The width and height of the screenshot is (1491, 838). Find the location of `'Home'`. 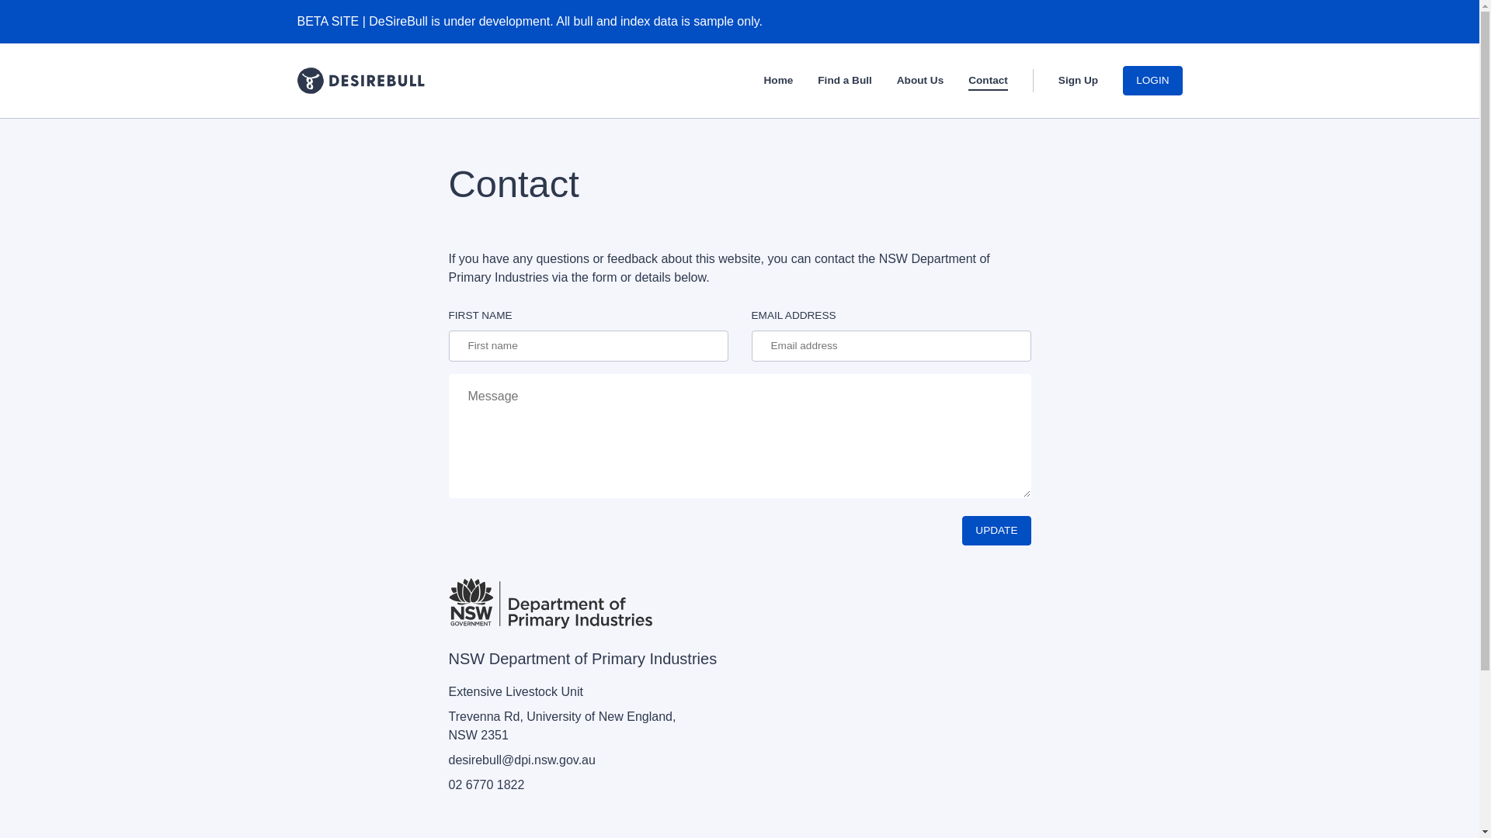

'Home' is located at coordinates (779, 82).